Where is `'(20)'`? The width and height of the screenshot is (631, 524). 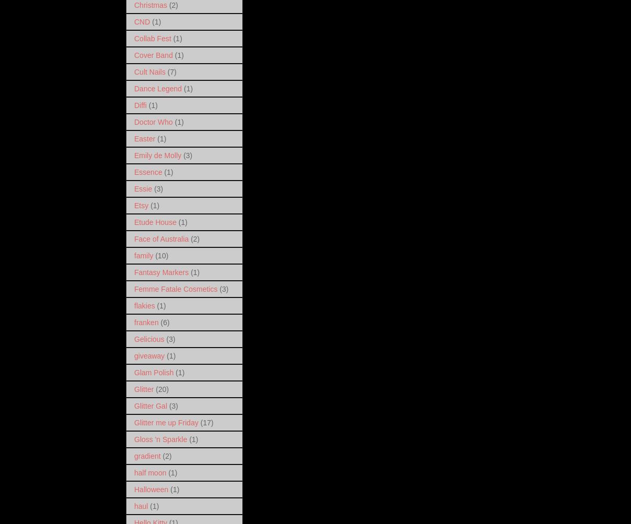 '(20)' is located at coordinates (161, 388).